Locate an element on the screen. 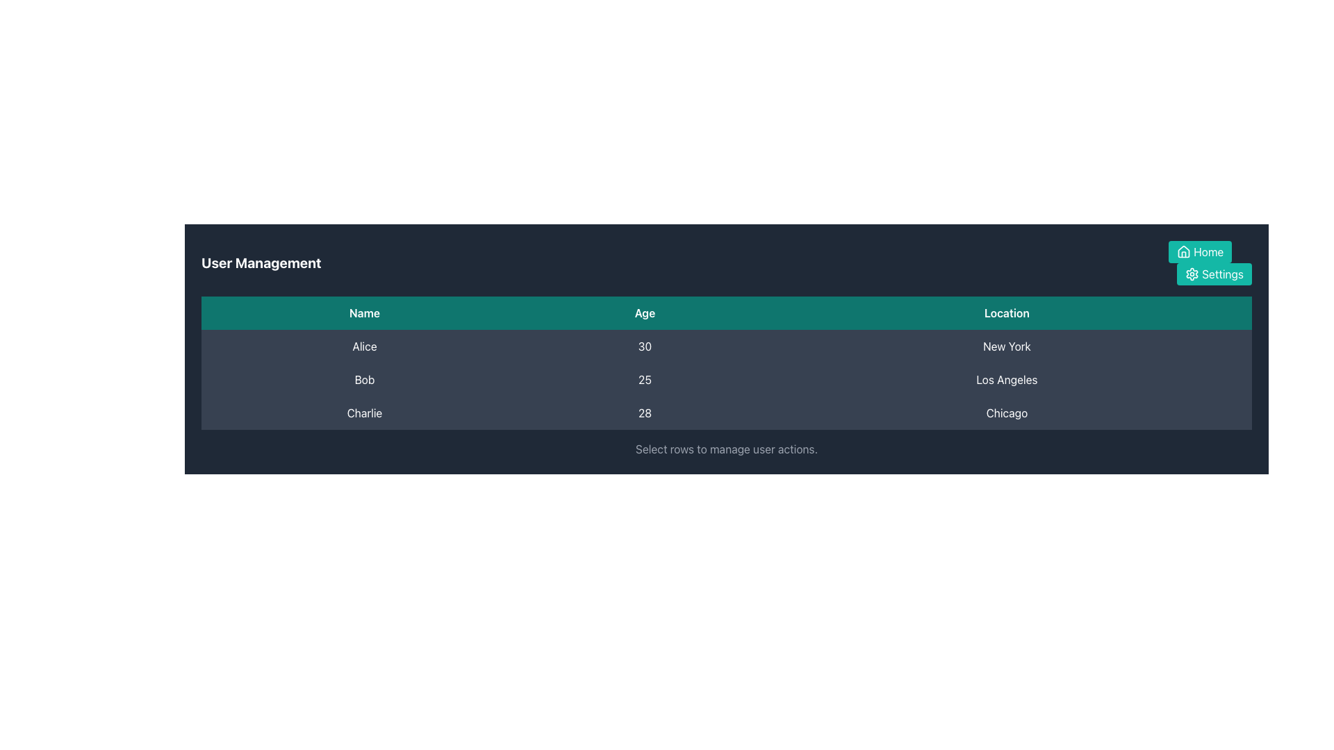 The image size is (1334, 750). the second row of the static table displaying user information for Bob, age 25, and location Los Angeles is located at coordinates (726, 380).